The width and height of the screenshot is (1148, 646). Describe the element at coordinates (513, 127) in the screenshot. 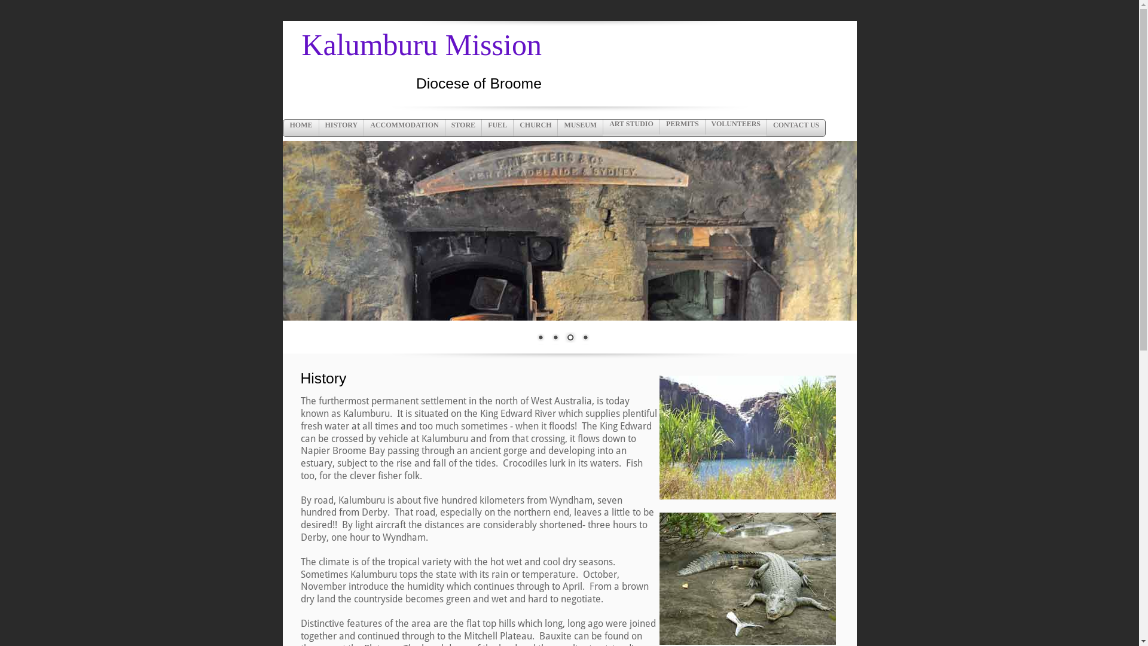

I see `'CHURCH'` at that location.